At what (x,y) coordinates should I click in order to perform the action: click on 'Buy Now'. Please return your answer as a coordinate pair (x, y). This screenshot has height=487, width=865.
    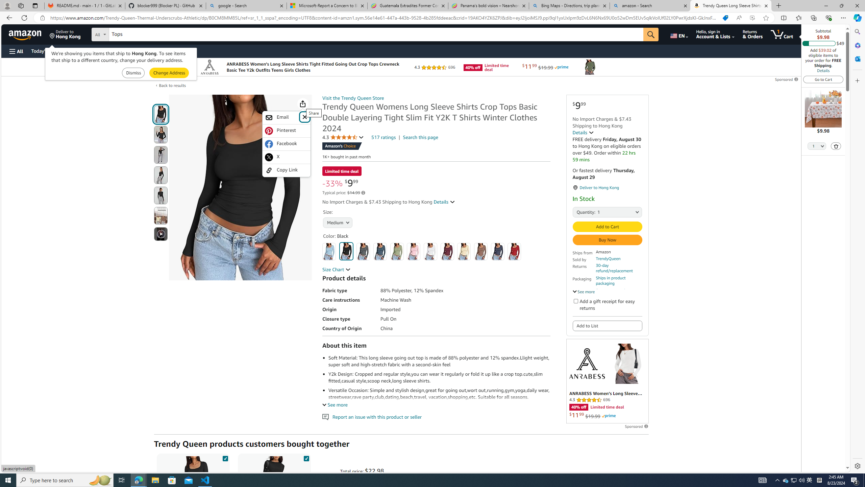
    Looking at the image, I should click on (607, 239).